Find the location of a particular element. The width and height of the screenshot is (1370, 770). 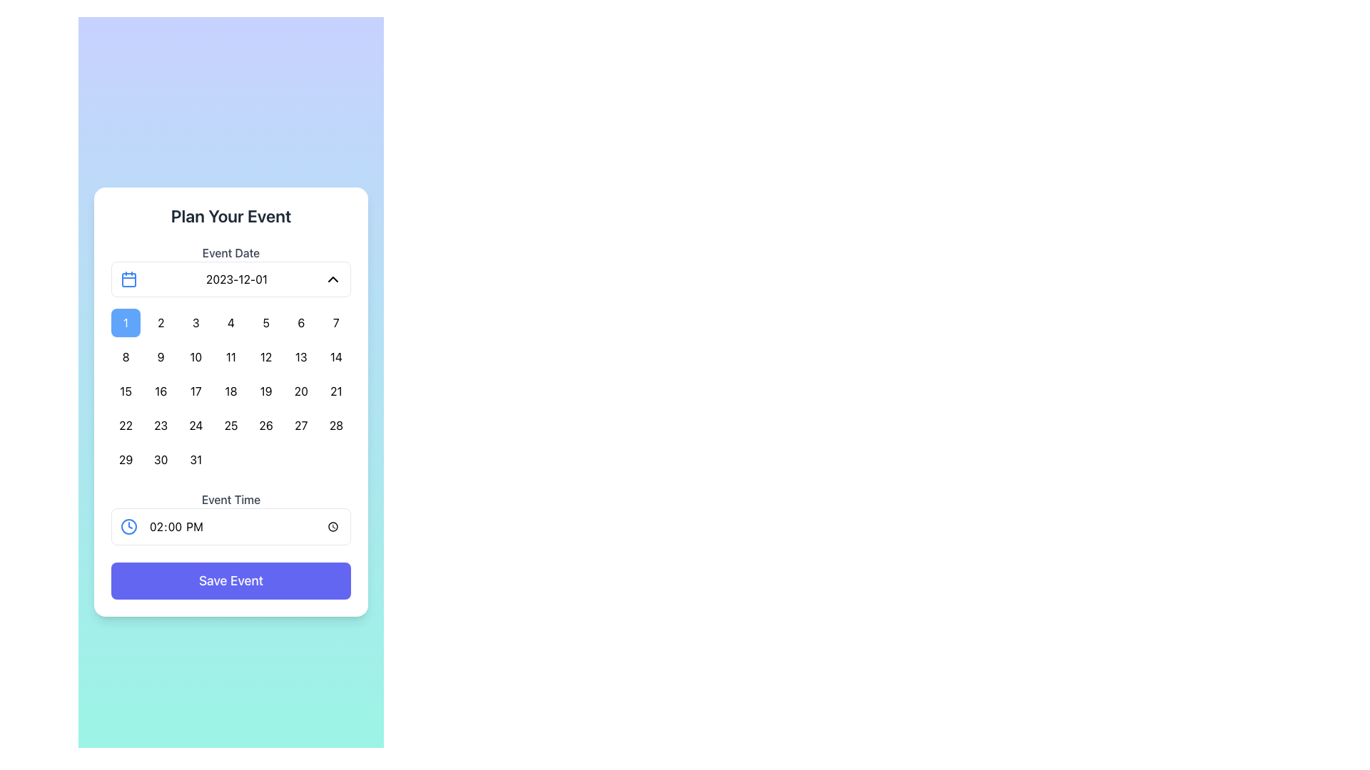

the rounded square button displaying the number '16' is located at coordinates (161, 391).